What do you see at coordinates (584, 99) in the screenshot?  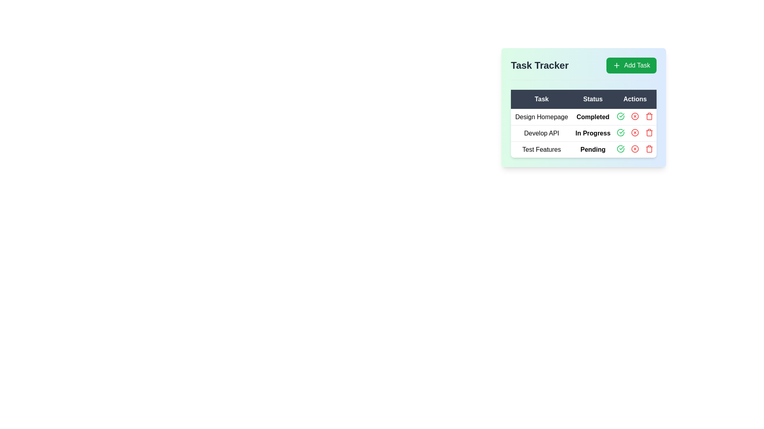 I see `the 'Status' column in the Table header row of the 'Task Tracker' interface` at bounding box center [584, 99].